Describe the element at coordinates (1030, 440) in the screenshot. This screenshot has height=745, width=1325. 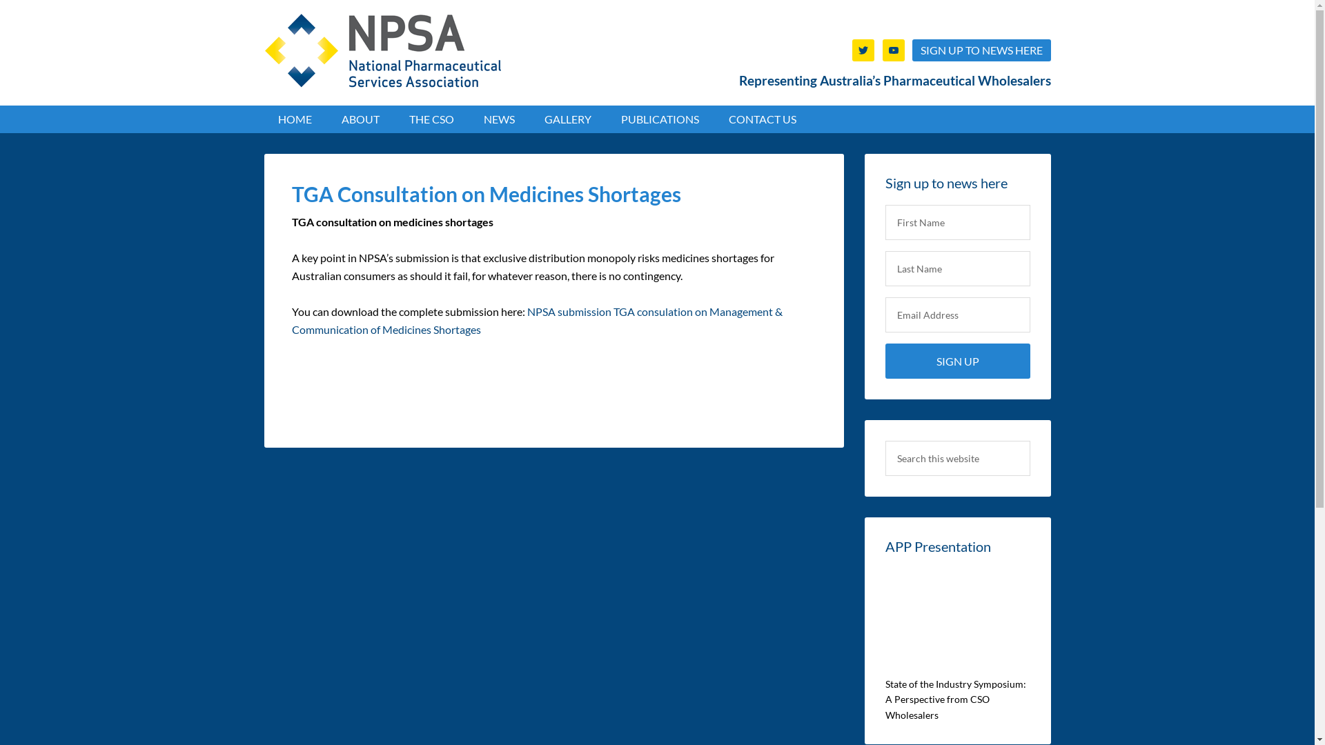
I see `'Search'` at that location.